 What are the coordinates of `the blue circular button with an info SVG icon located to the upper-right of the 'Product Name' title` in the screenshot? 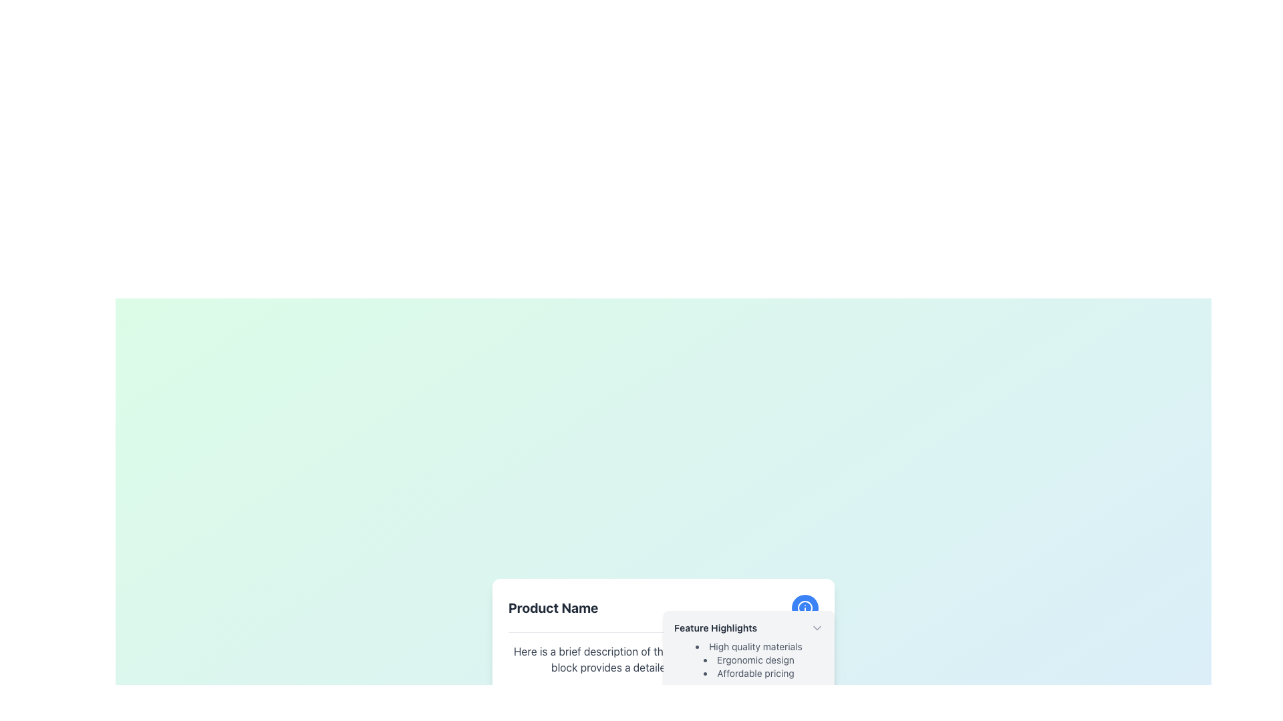 It's located at (804, 608).